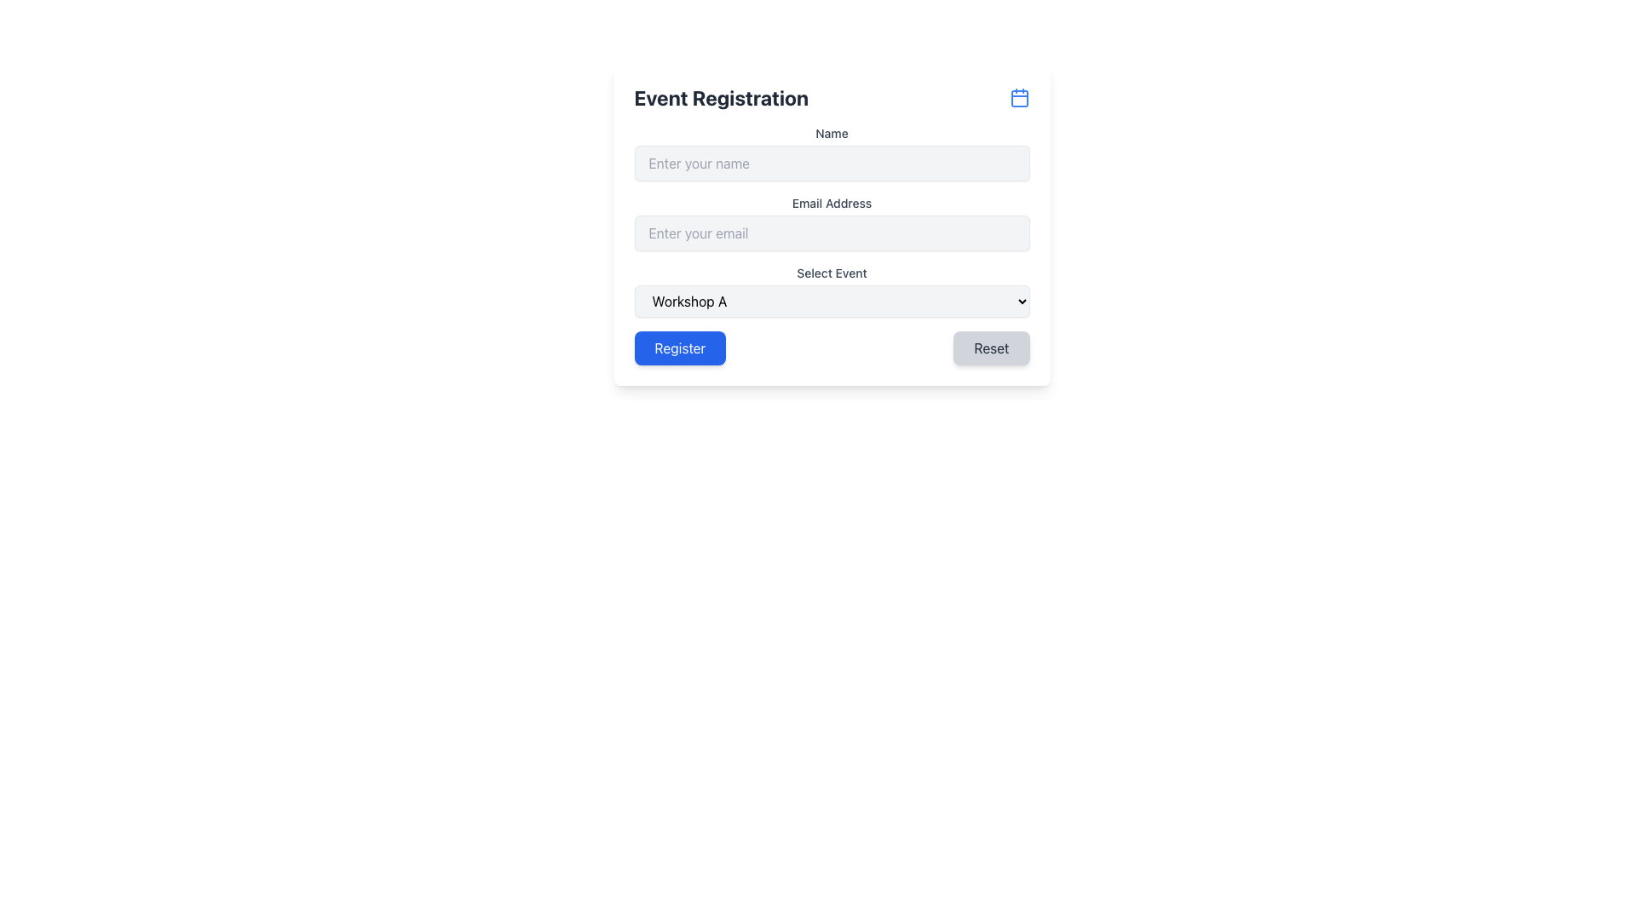 This screenshot has height=920, width=1636. Describe the element at coordinates (991, 347) in the screenshot. I see `the 'Reset' button located in the bottom-right corner of the form to clear all inputs and revert them to their initial state` at that location.